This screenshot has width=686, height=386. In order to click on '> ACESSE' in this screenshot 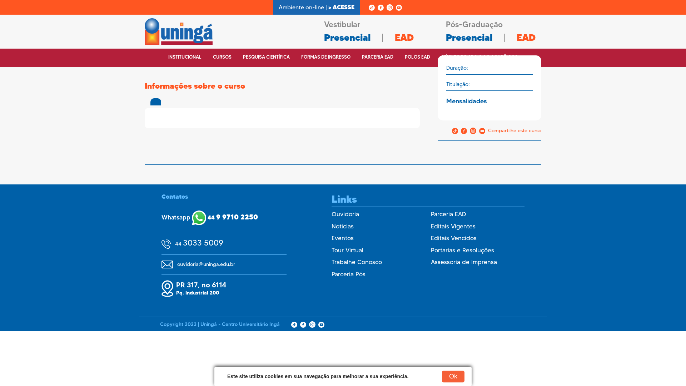, I will do `click(340, 7)`.